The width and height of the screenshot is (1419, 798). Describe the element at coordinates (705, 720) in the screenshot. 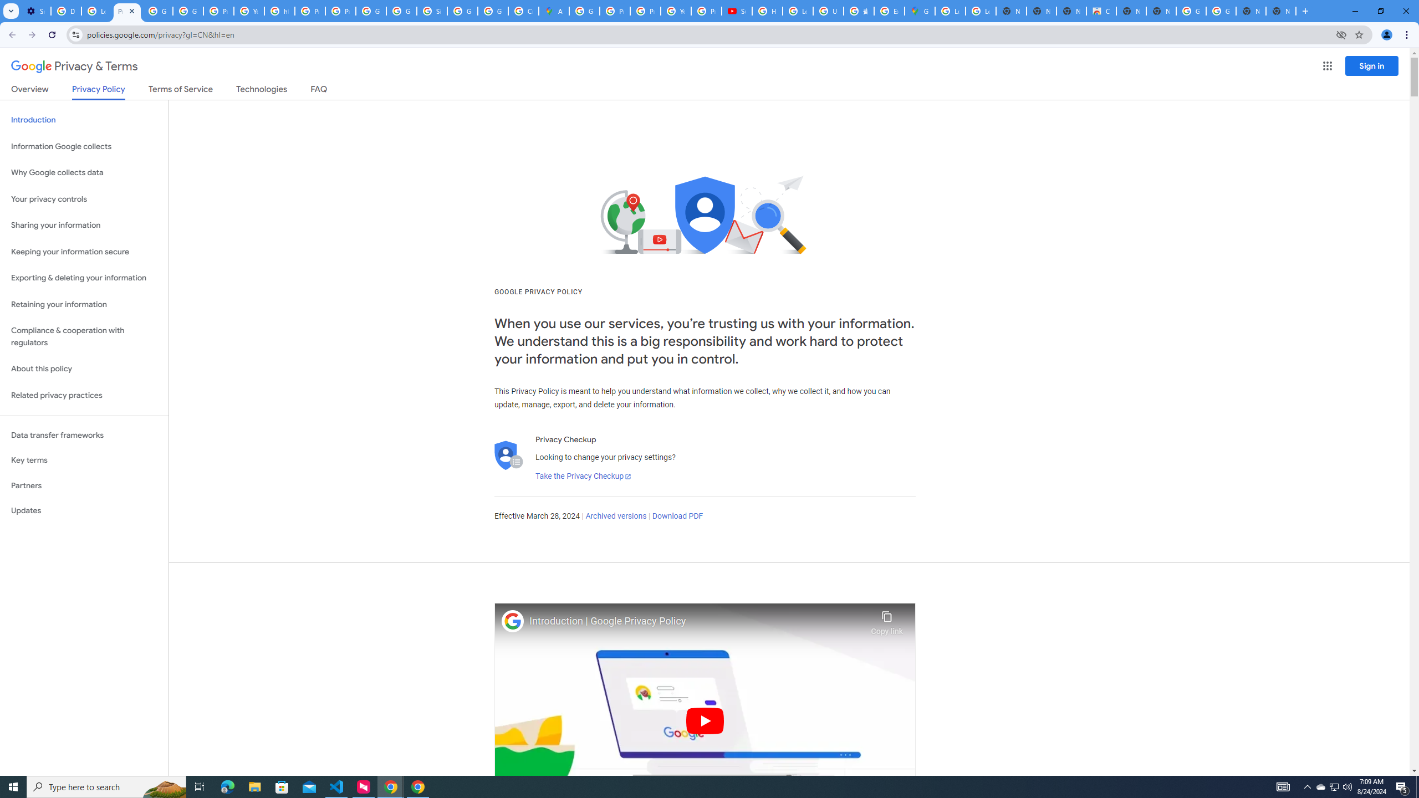

I see `'Play'` at that location.